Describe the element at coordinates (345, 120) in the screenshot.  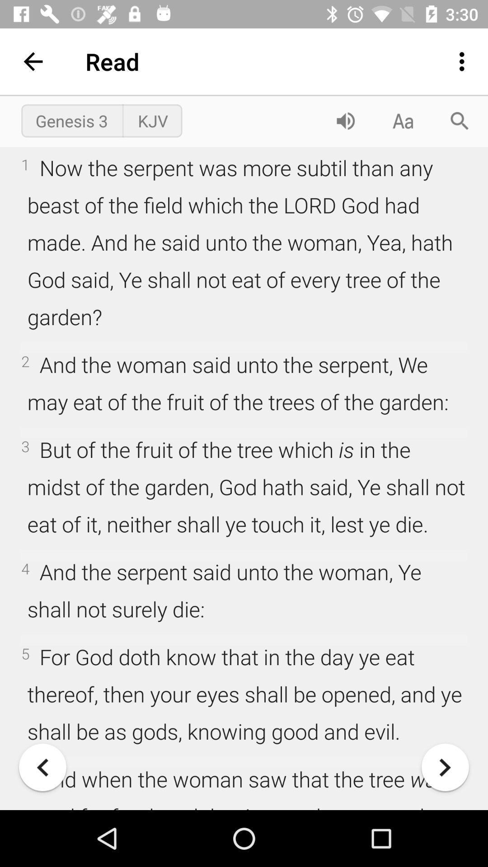
I see `control volume` at that location.